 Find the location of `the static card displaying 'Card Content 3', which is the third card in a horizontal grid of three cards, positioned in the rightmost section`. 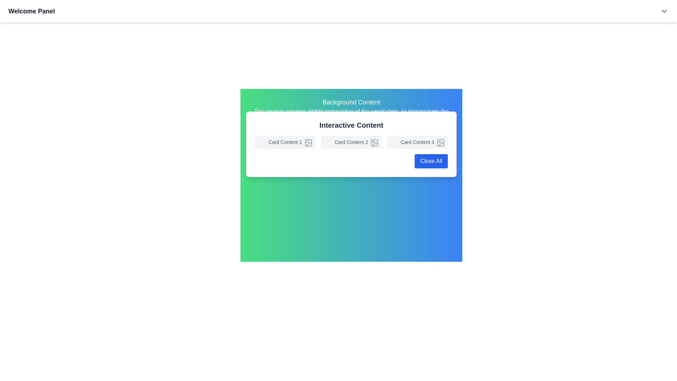

the static card displaying 'Card Content 3', which is the third card in a horizontal grid of three cards, positioned in the rightmost section is located at coordinates (417, 142).